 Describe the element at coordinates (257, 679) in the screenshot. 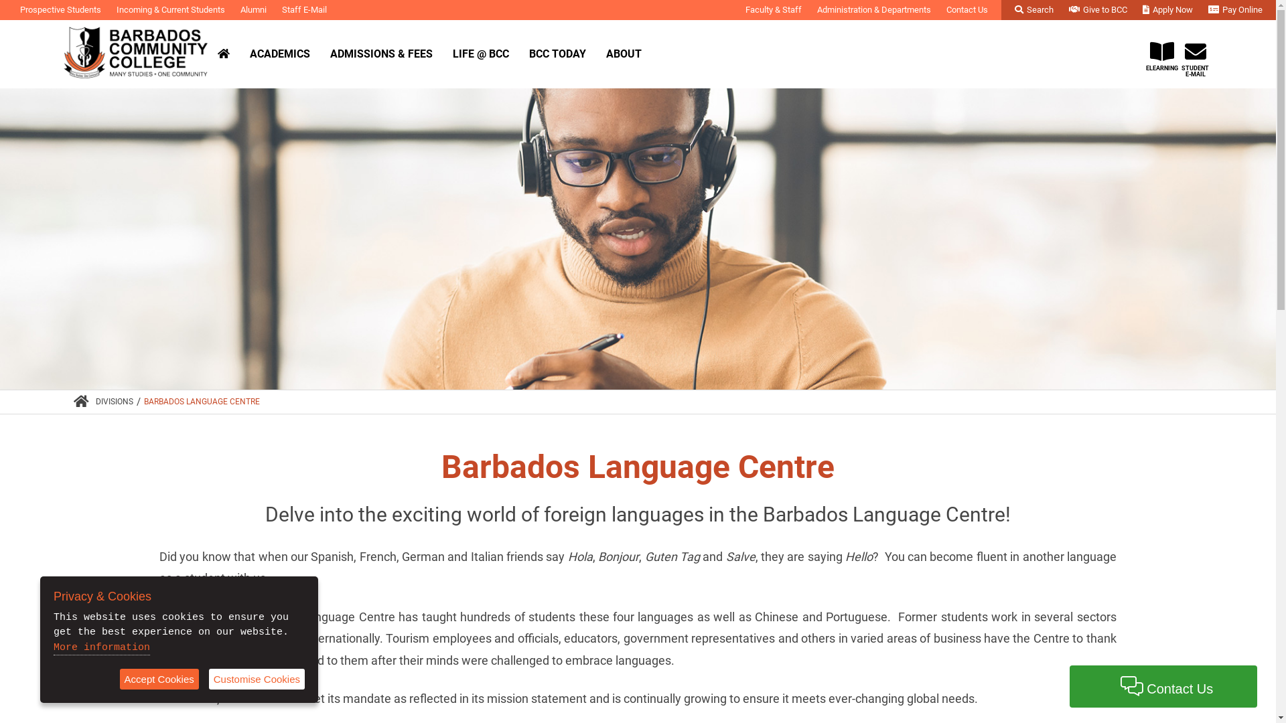

I see `'Customise Cookies'` at that location.